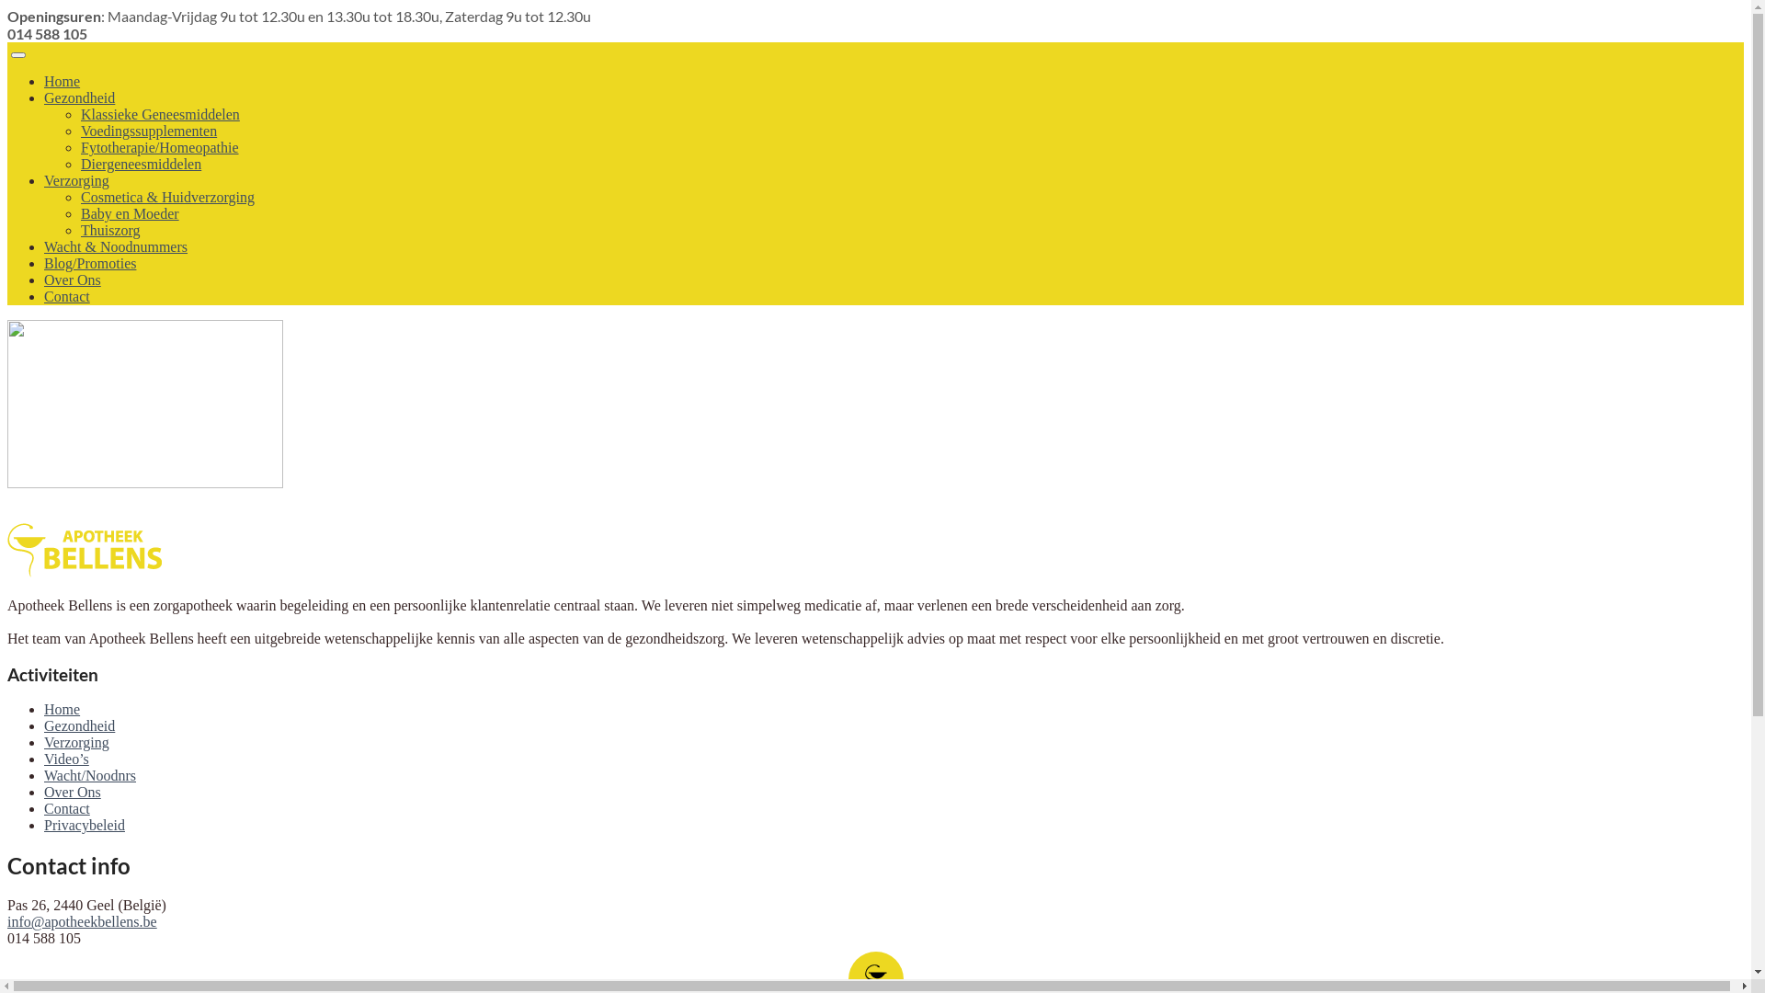 The image size is (1765, 993). Describe the element at coordinates (88, 775) in the screenshot. I see `'Wacht/Noodnrs'` at that location.